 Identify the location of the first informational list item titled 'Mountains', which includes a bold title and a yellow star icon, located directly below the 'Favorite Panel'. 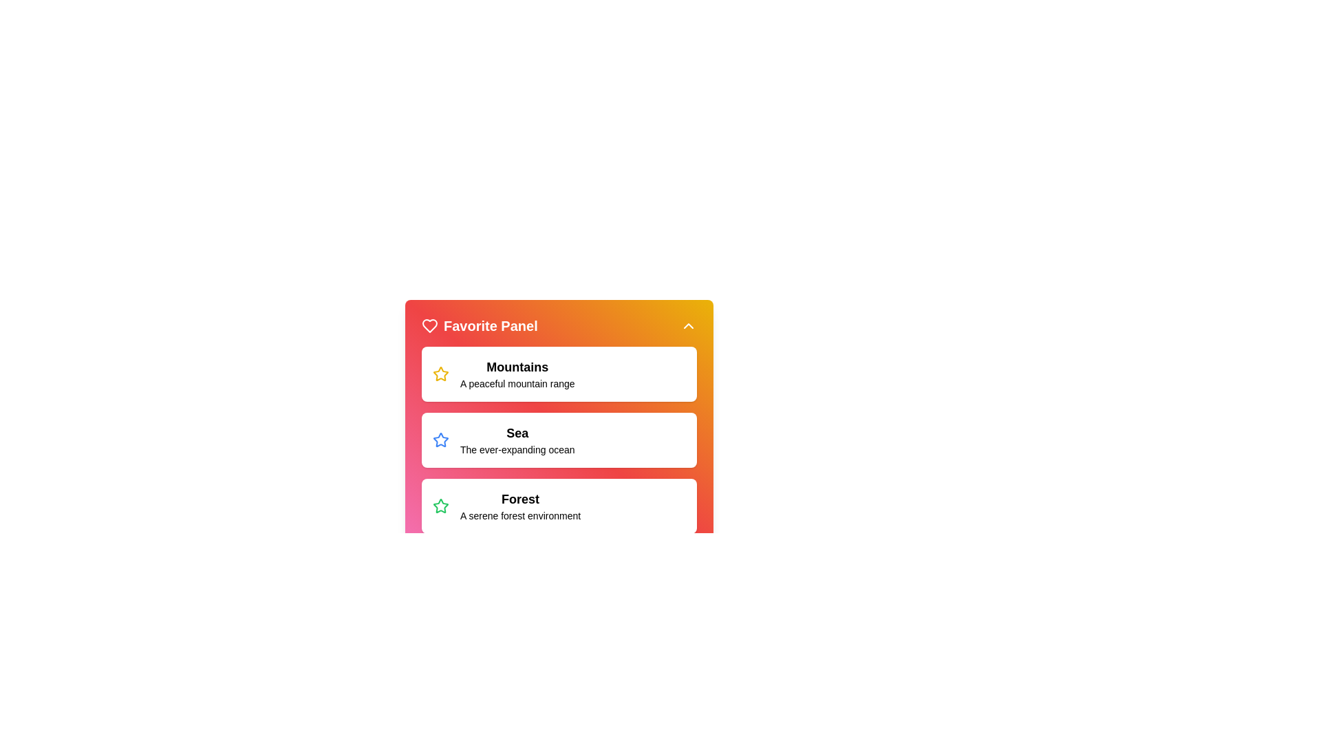
(559, 374).